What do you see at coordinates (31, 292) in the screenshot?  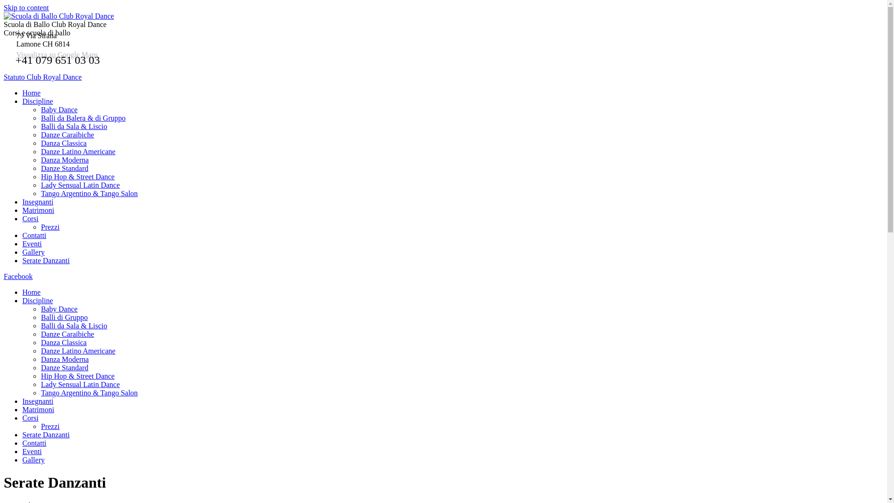 I see `'Home'` at bounding box center [31, 292].